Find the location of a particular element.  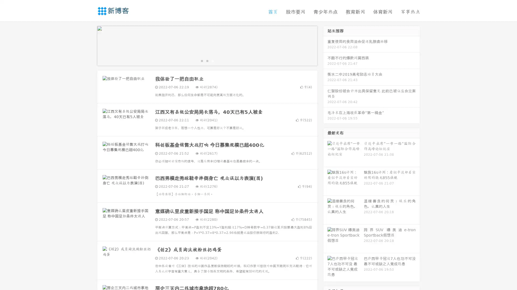

Previous slide is located at coordinates (89, 45).